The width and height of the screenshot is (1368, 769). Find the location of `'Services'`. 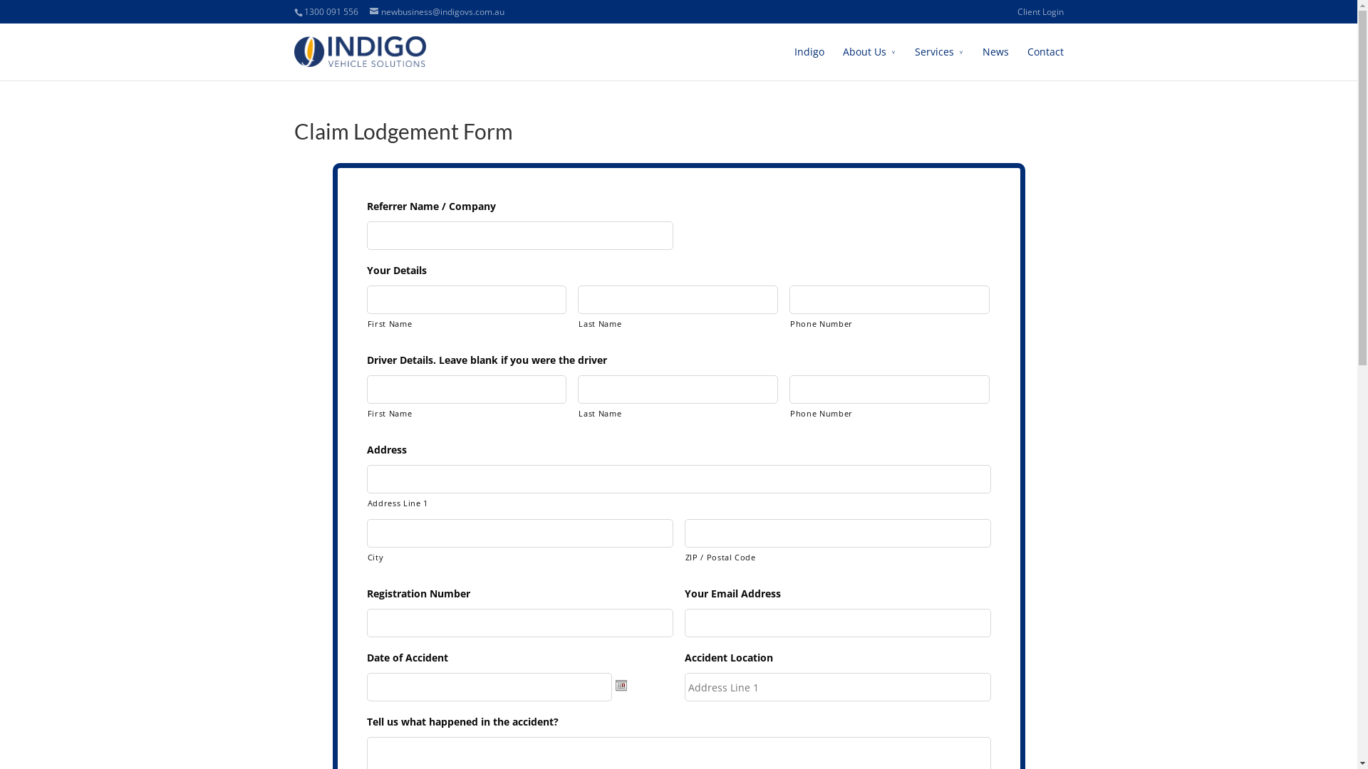

'Services' is located at coordinates (914, 61).